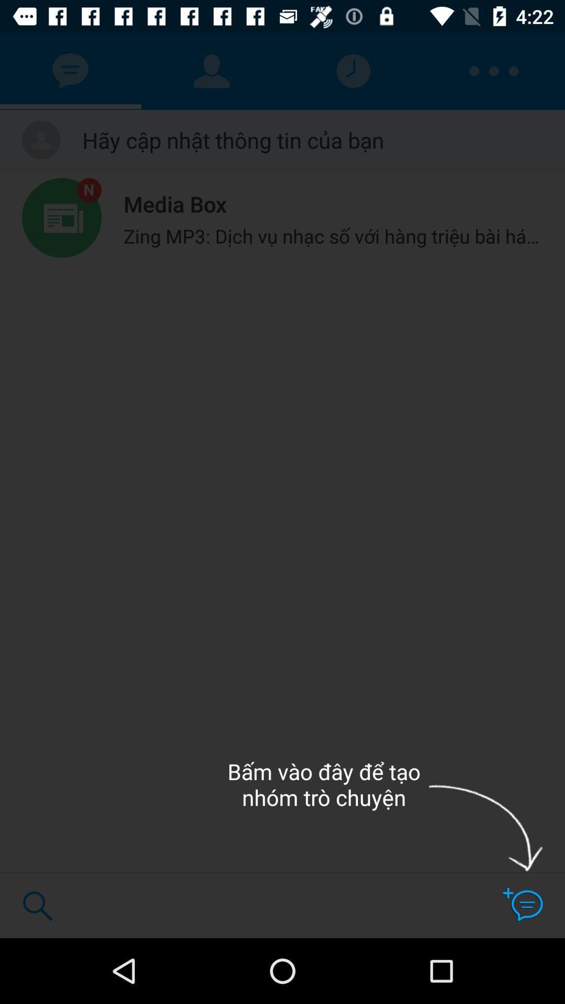 The height and width of the screenshot is (1004, 565). What do you see at coordinates (353, 71) in the screenshot?
I see `clock icon` at bounding box center [353, 71].